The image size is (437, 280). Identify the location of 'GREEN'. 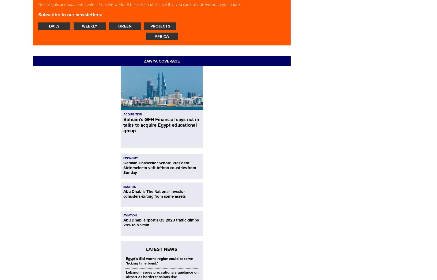
(125, 26).